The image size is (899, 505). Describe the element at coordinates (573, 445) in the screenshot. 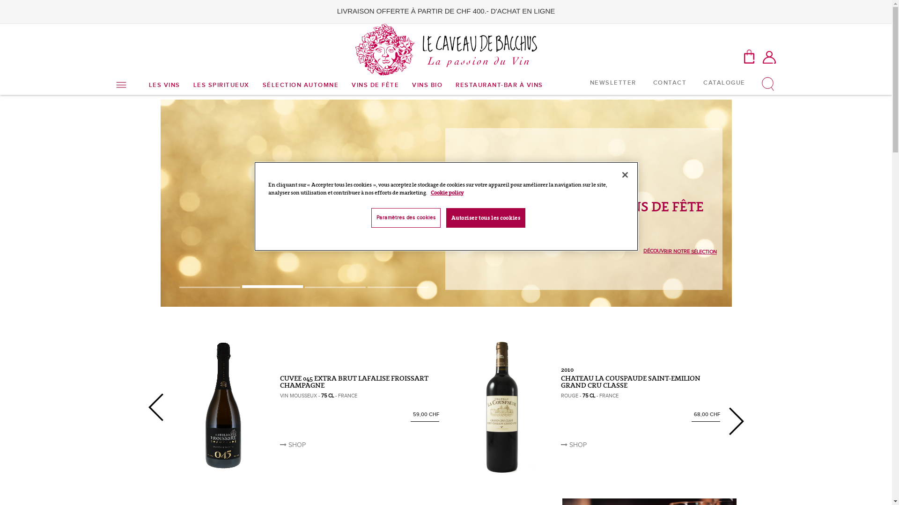

I see `'SHOP'` at that location.